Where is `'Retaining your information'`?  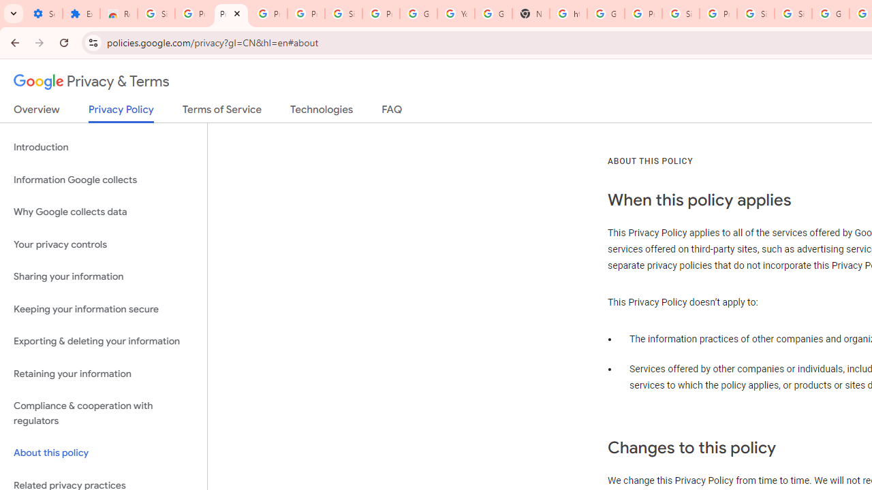 'Retaining your information' is located at coordinates (103, 374).